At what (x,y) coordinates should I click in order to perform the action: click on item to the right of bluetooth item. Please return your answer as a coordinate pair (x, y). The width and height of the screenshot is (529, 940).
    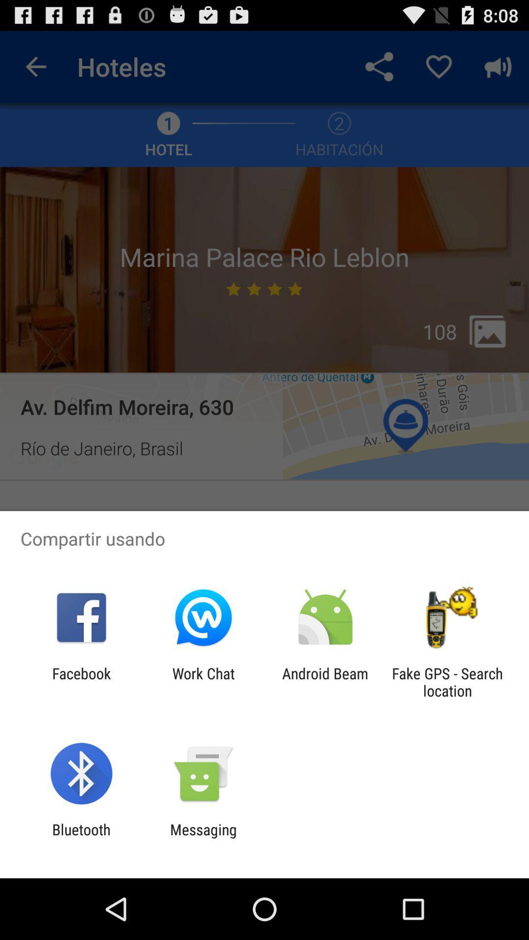
    Looking at the image, I should click on (203, 838).